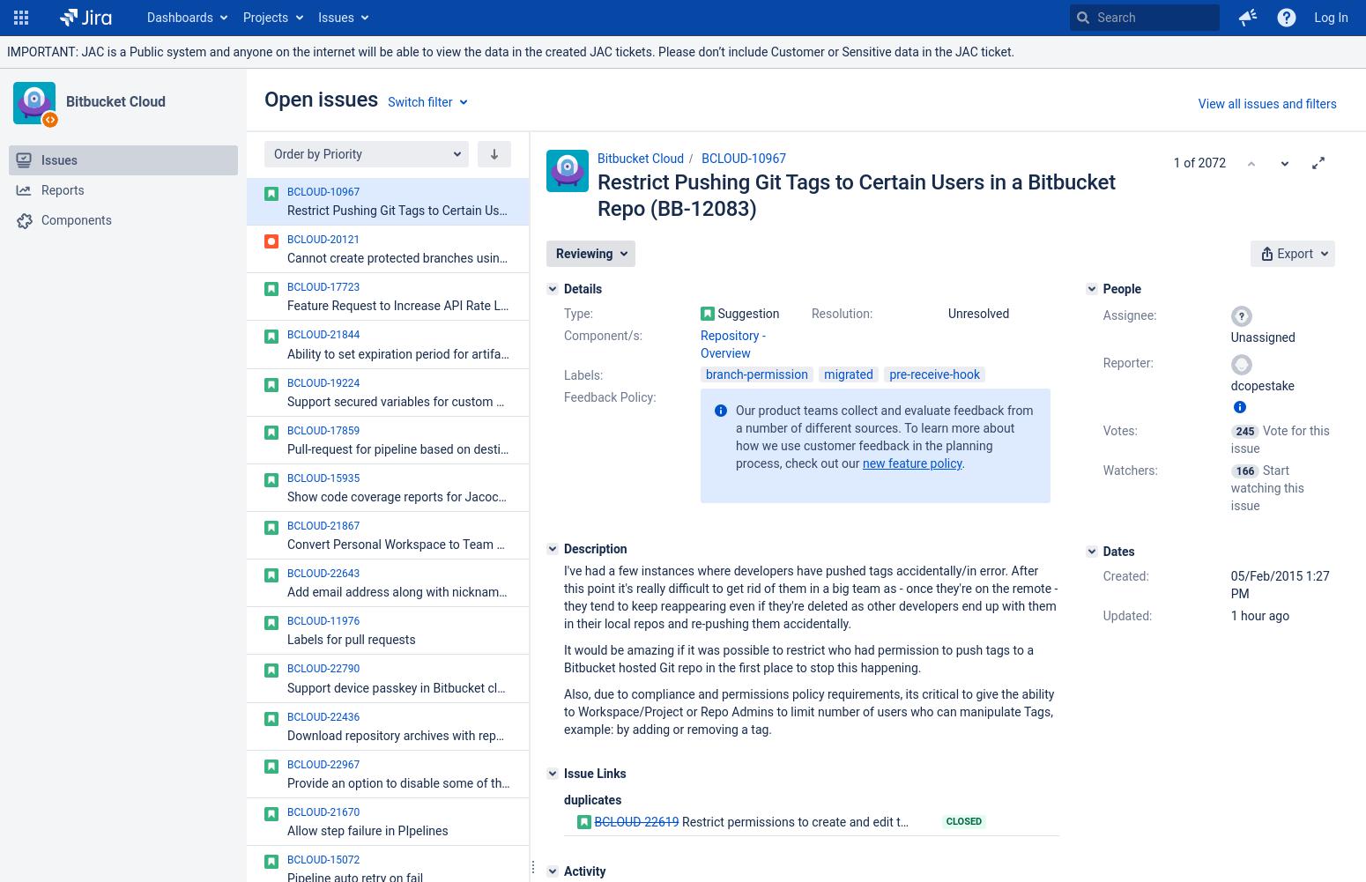 The image size is (1366, 882). Describe the element at coordinates (1125, 574) in the screenshot. I see `'Created:'` at that location.